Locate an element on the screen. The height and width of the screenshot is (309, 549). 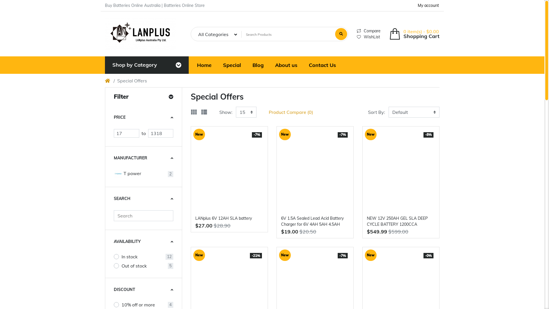
'Product Compare (0)' is located at coordinates (291, 112).